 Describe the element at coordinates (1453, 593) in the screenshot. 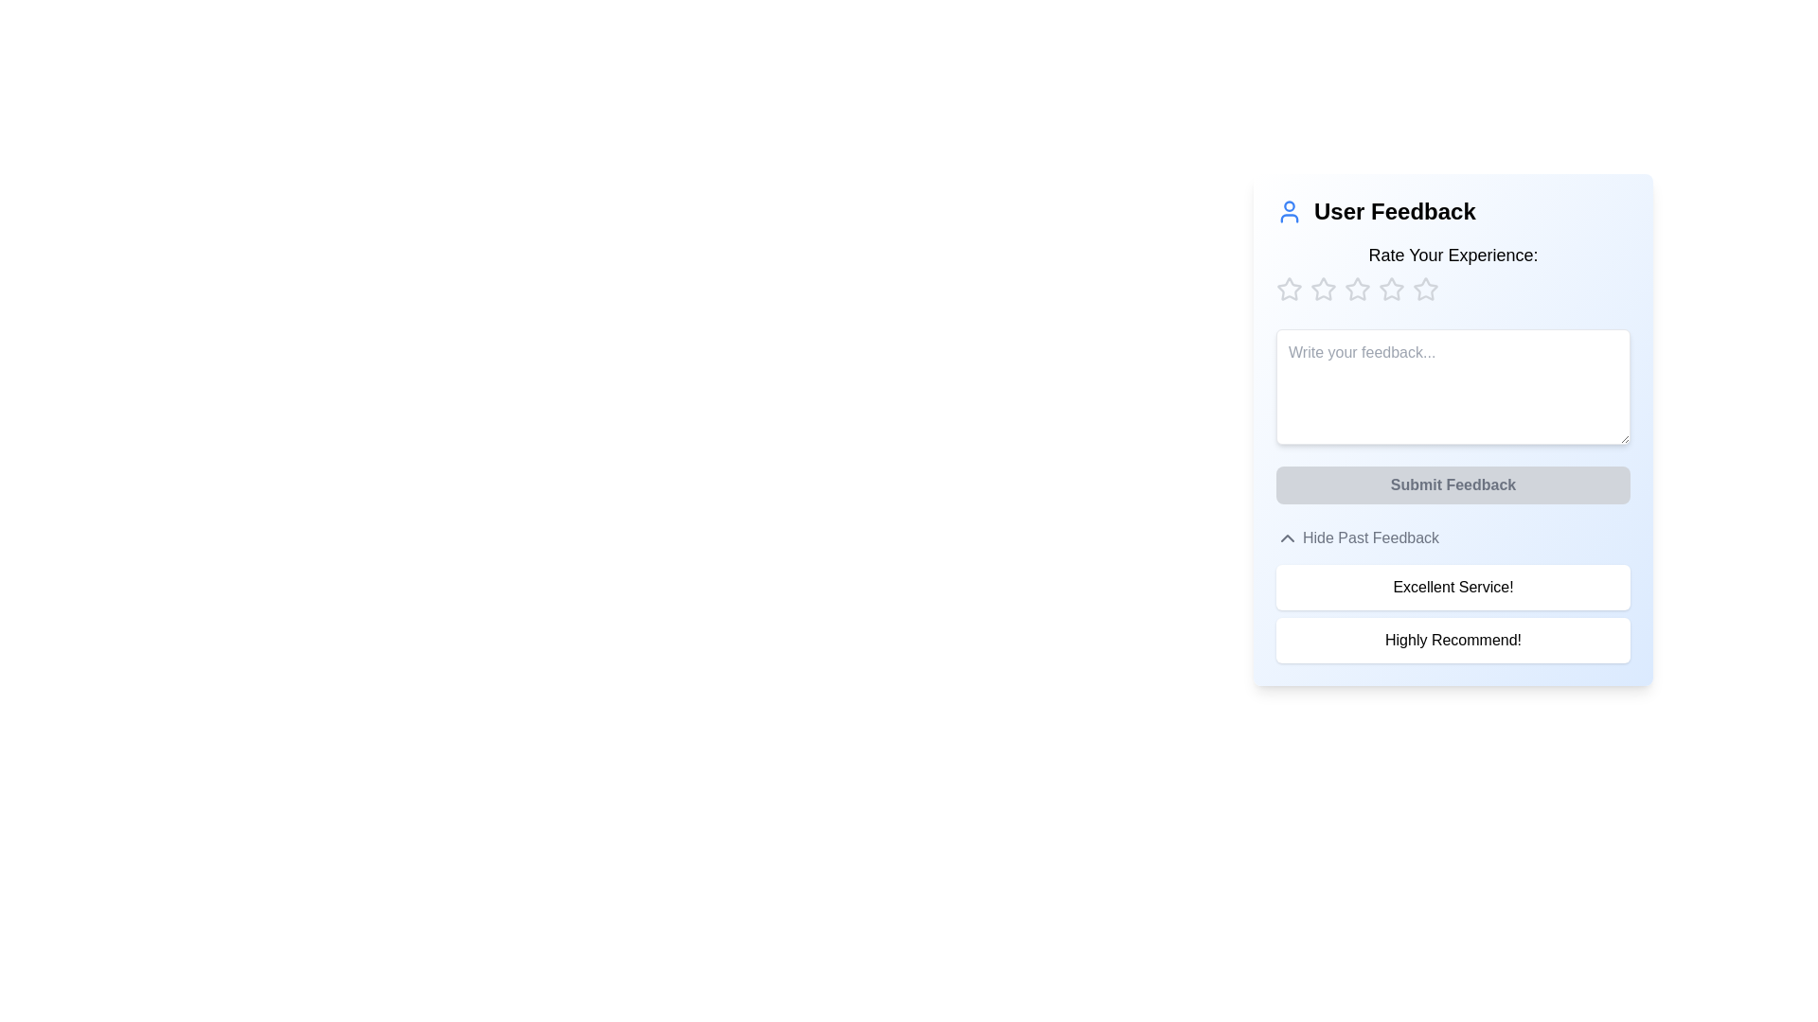

I see `the static text display element that shows the feedback content 'Excellent Service!', positioned between 'Hide Past Feedback' and 'Highly Recommend!'` at that location.